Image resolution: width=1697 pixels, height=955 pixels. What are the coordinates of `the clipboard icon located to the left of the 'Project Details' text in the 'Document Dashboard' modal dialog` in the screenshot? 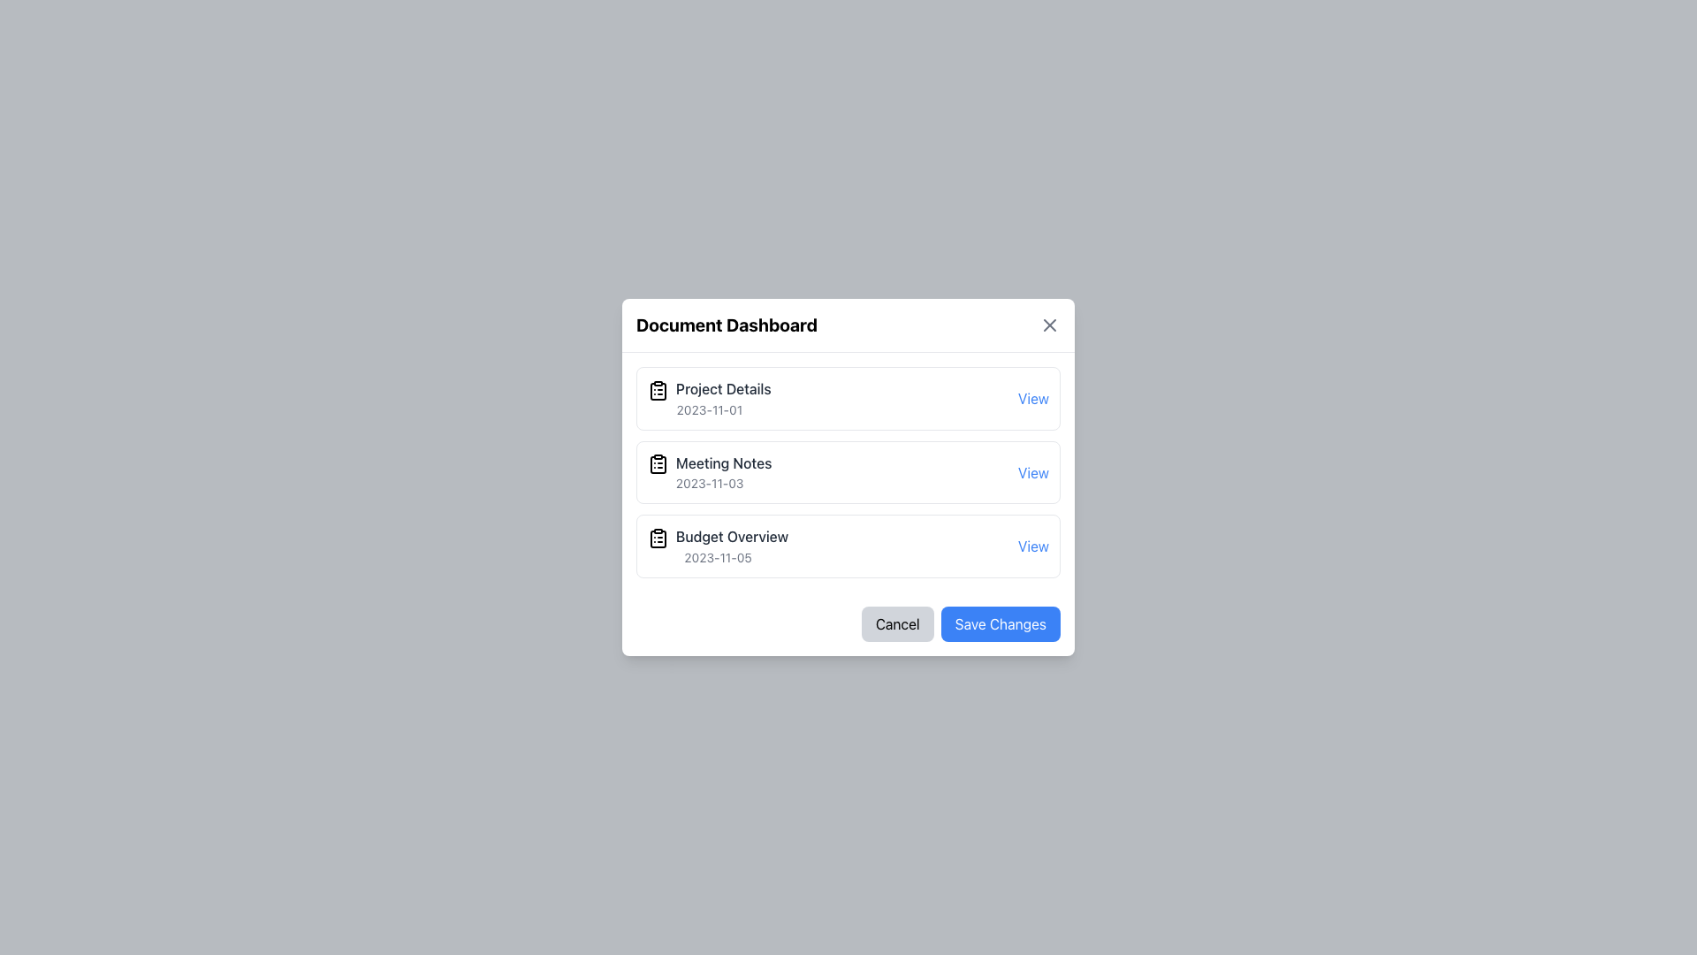 It's located at (657, 388).